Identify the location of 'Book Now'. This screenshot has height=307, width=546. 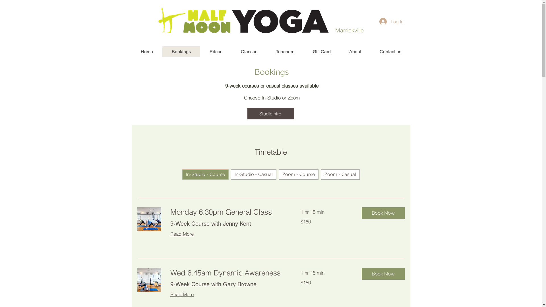
(383, 273).